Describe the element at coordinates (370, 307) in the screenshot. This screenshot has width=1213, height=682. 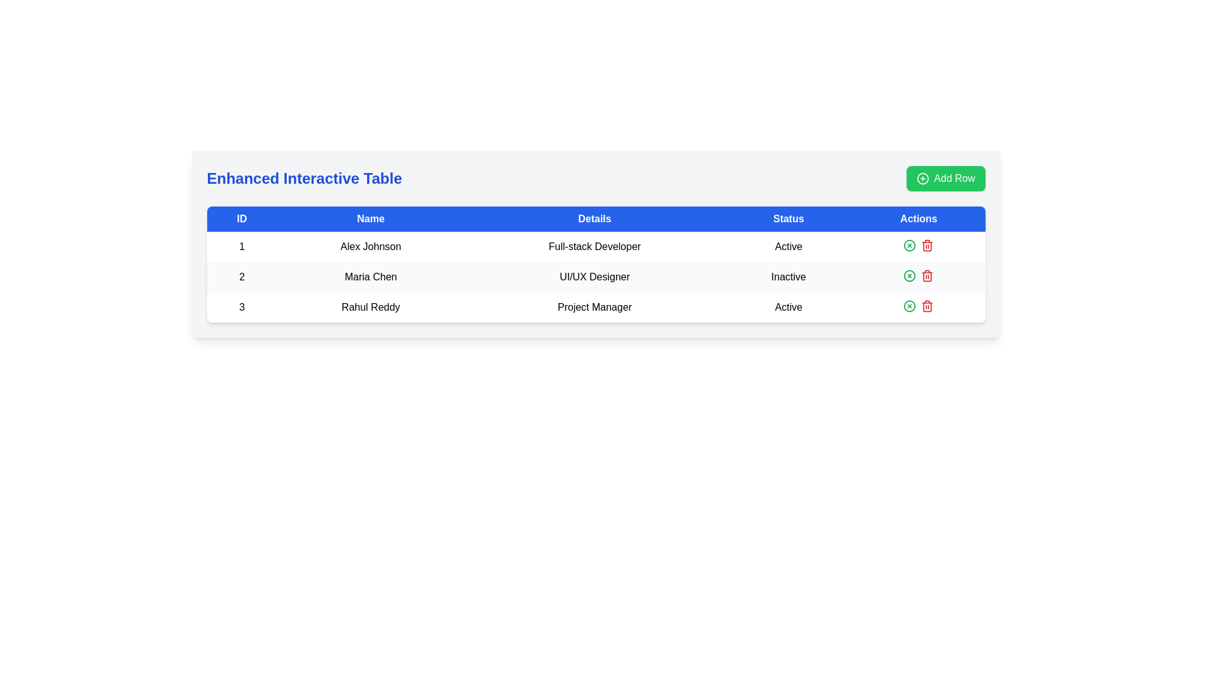
I see `the table cell text representing the name of an individual in the third row under the 'Name' column` at that location.